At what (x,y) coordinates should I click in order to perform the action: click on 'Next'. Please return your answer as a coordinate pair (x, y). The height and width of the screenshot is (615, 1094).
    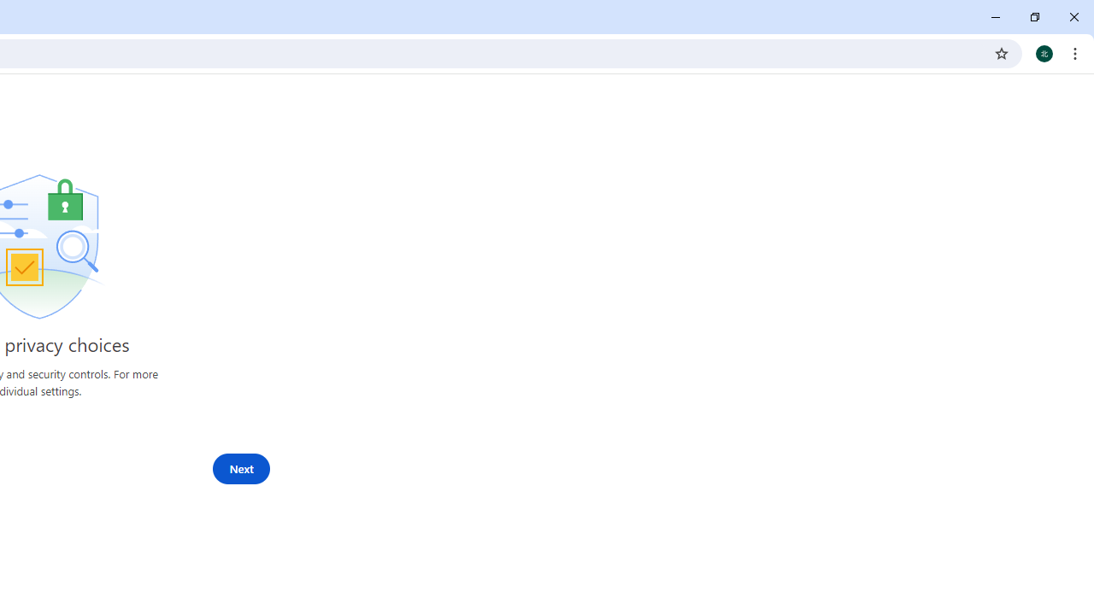
    Looking at the image, I should click on (240, 469).